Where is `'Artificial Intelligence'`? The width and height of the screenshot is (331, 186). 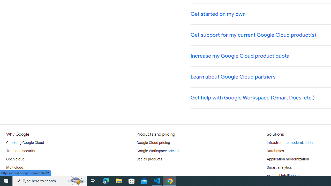 'Artificial Intelligence' is located at coordinates (283, 176).